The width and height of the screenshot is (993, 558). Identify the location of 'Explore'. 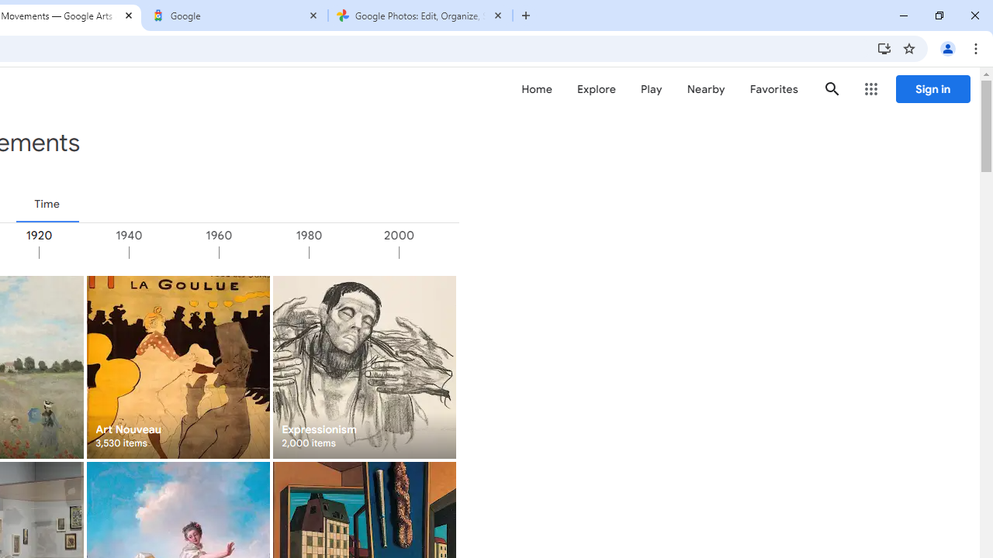
(595, 89).